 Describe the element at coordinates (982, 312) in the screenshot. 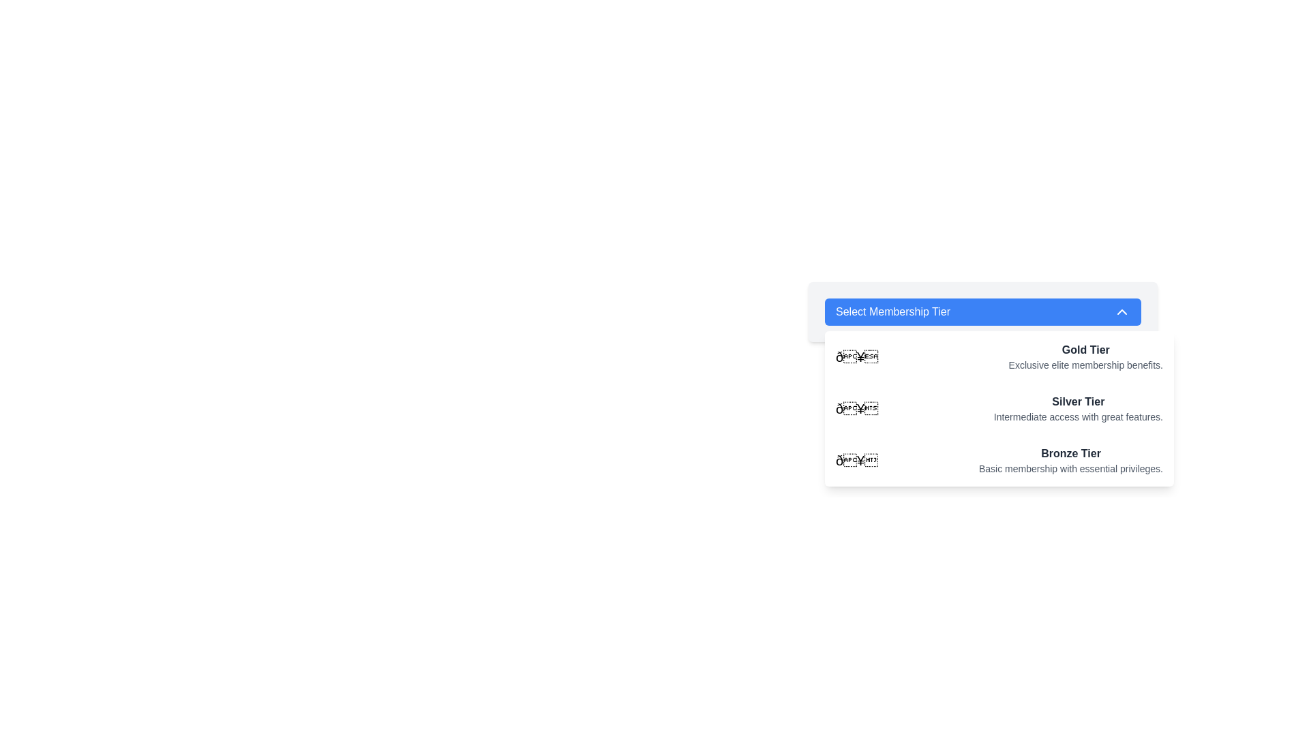

I see `the centrally aligned dropdown button at the top of the membership options section` at that location.